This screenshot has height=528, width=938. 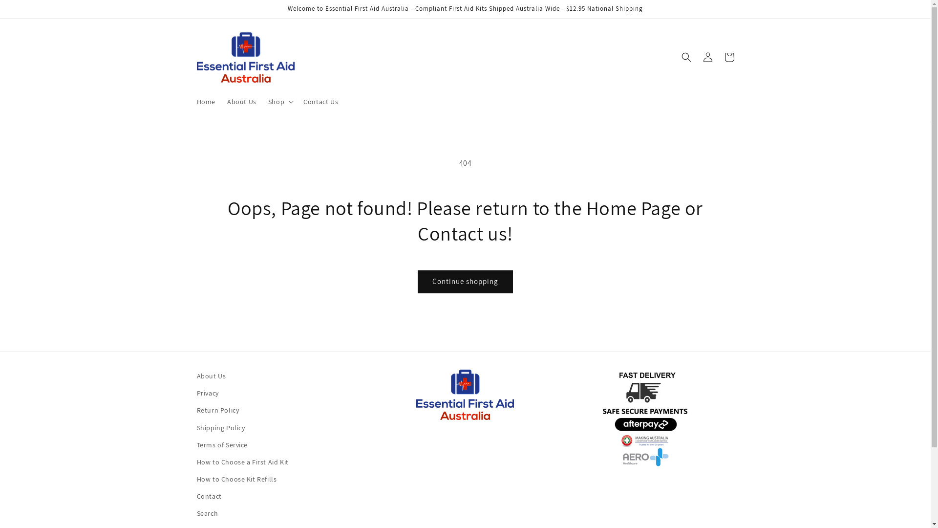 What do you see at coordinates (320, 102) in the screenshot?
I see `'Contact Us'` at bounding box center [320, 102].